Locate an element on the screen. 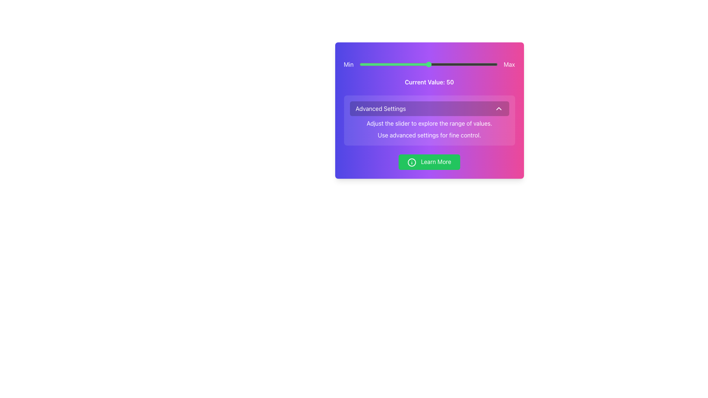 The image size is (708, 398). the interactive button located at the bottom center of the colorful gradient panel under the 'Advanced Settings' section is located at coordinates (429, 161).